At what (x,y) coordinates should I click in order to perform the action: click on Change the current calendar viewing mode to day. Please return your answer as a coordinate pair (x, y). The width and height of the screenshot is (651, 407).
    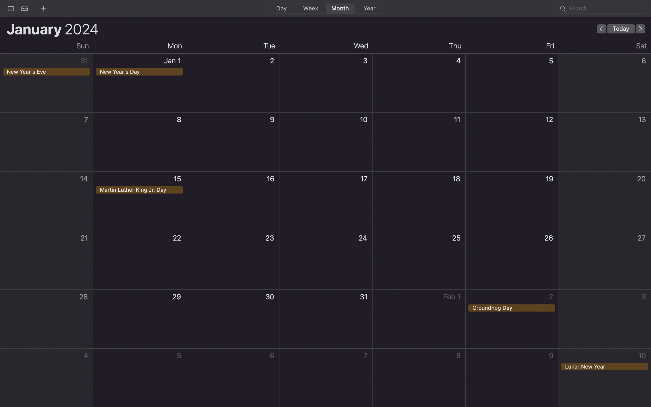
    Looking at the image, I should click on (281, 8).